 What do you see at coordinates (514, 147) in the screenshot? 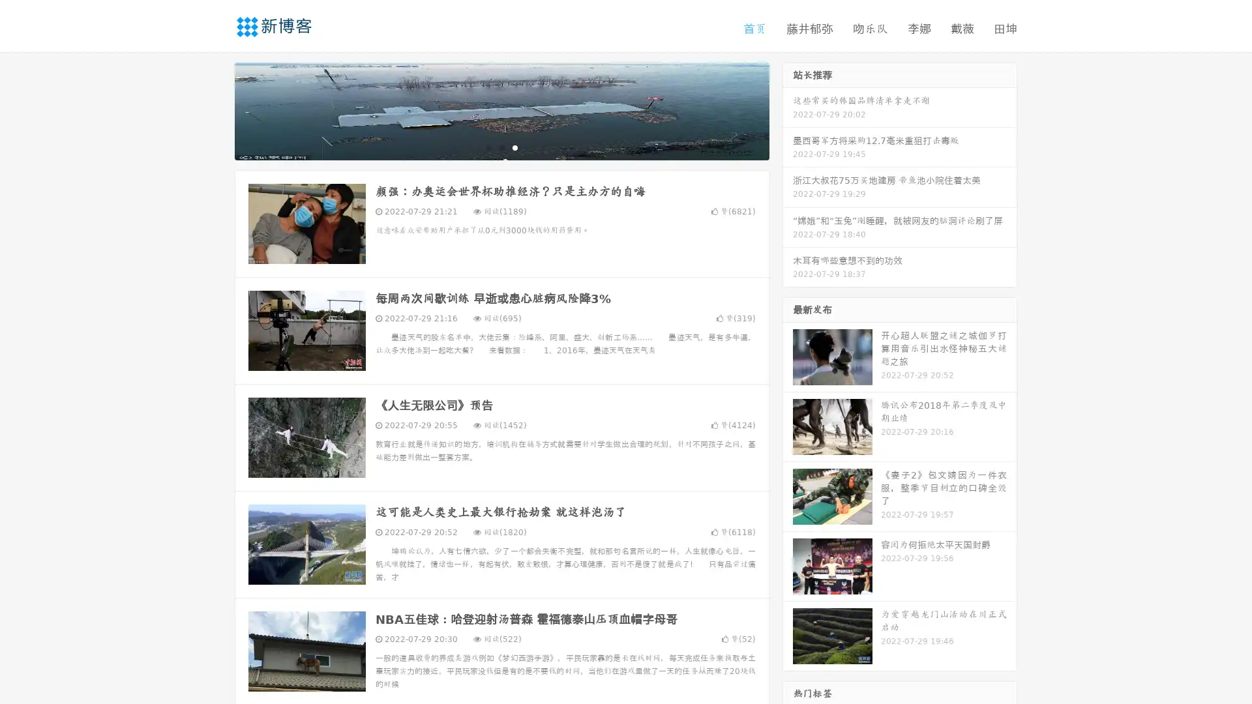
I see `Go to slide 3` at bounding box center [514, 147].